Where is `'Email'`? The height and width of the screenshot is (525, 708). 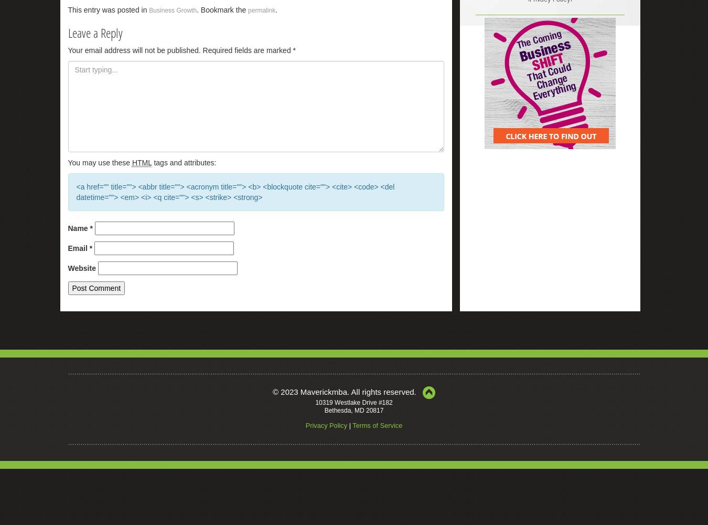
'Email' is located at coordinates (78, 248).